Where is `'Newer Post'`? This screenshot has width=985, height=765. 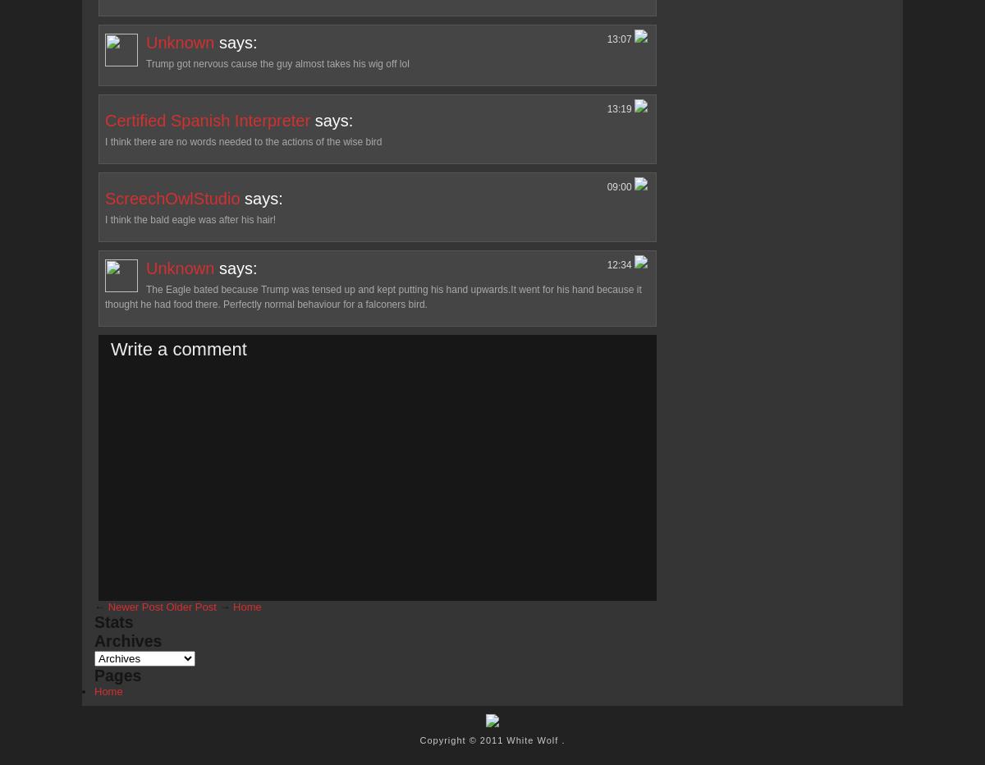 'Newer Post' is located at coordinates (134, 605).